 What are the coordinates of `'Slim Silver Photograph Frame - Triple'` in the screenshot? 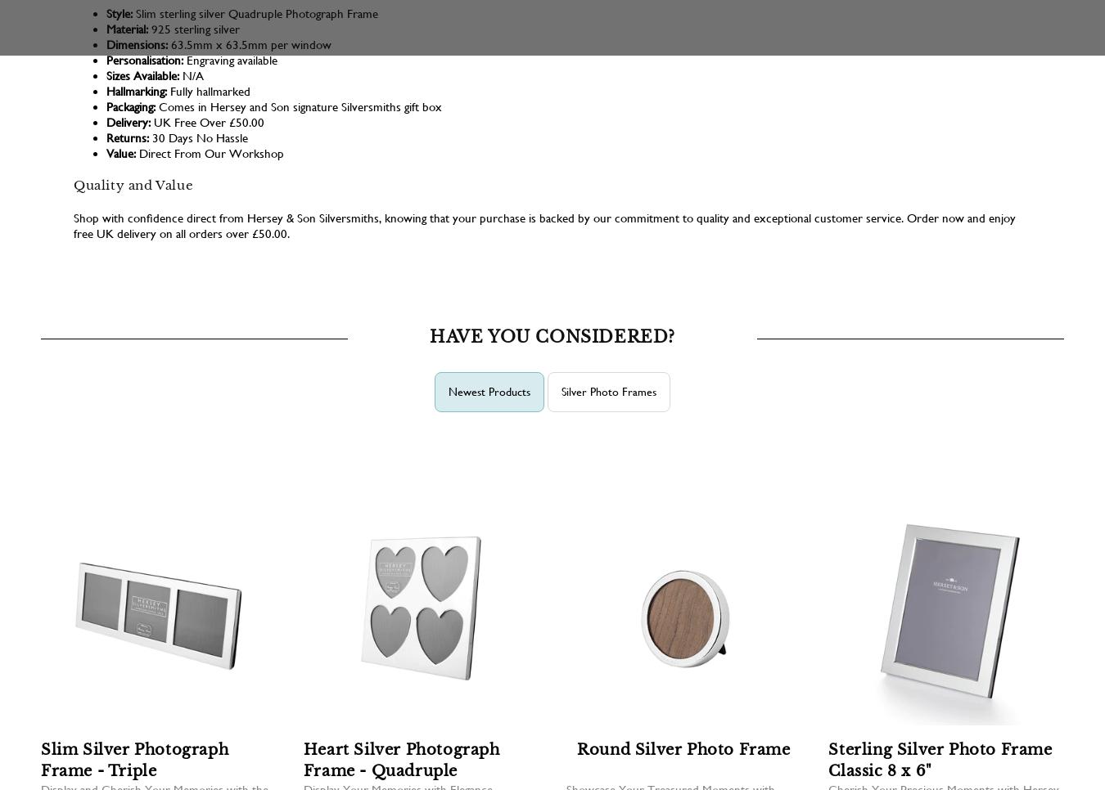 It's located at (134, 759).